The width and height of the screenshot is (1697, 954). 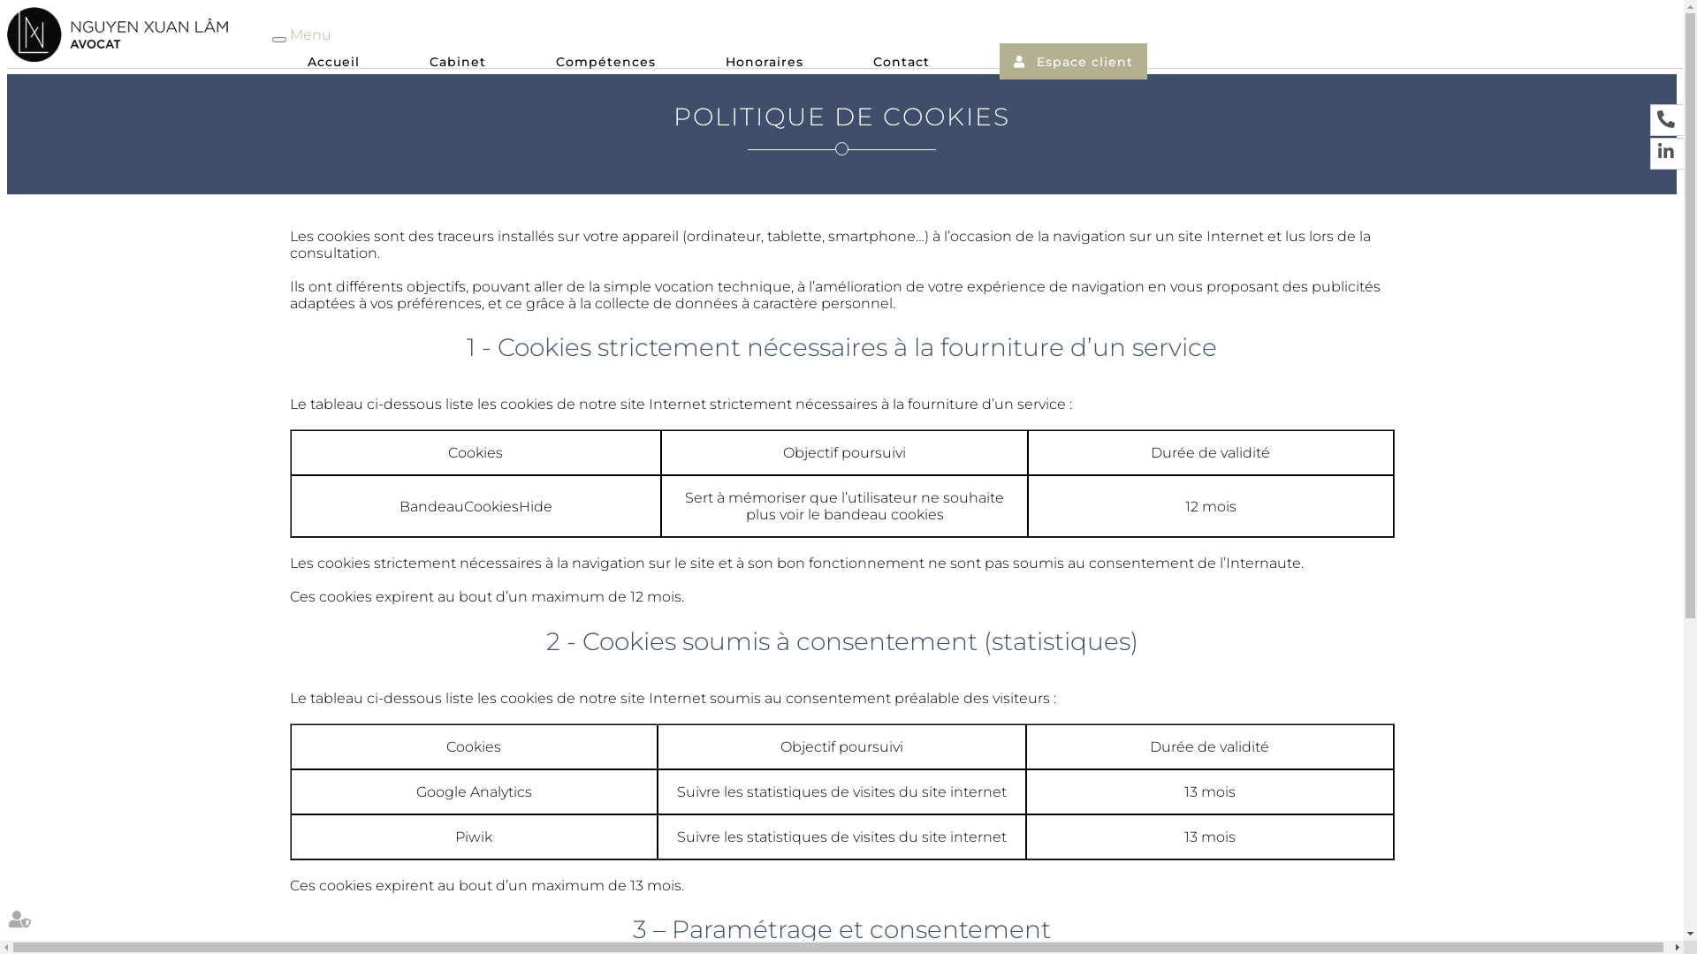 What do you see at coordinates (307, 64) in the screenshot?
I see `'Accueil'` at bounding box center [307, 64].